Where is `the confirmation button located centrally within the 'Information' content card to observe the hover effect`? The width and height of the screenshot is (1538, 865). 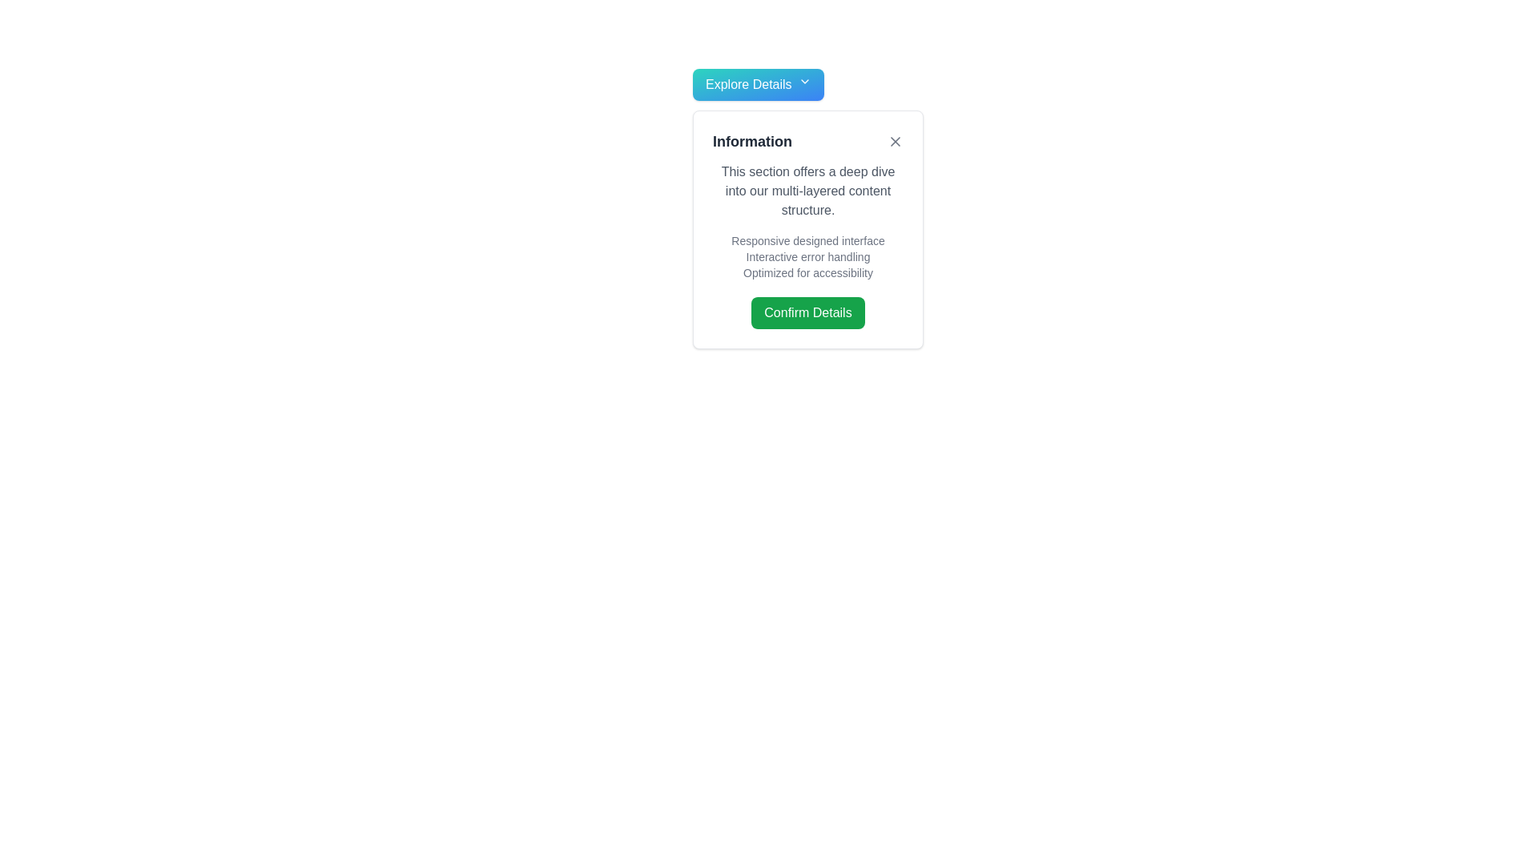
the confirmation button located centrally within the 'Information' content card to observe the hover effect is located at coordinates (807, 312).